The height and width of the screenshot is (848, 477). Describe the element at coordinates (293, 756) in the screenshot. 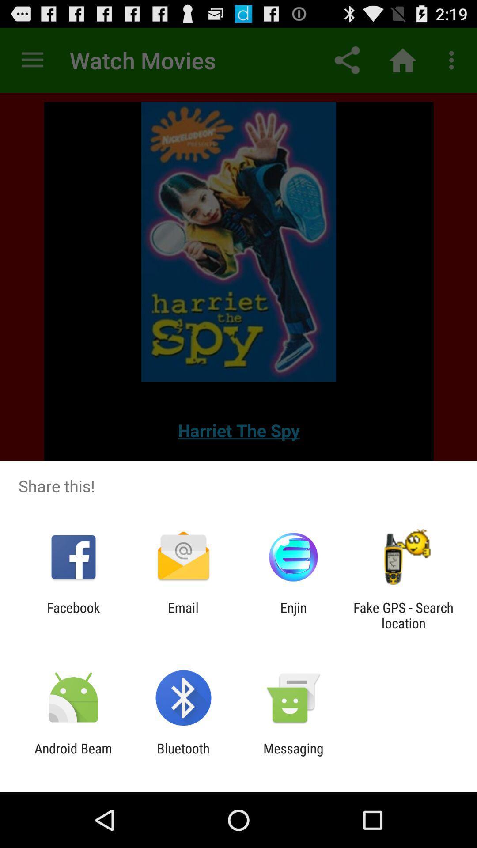

I see `item to the right of the bluetooth item` at that location.